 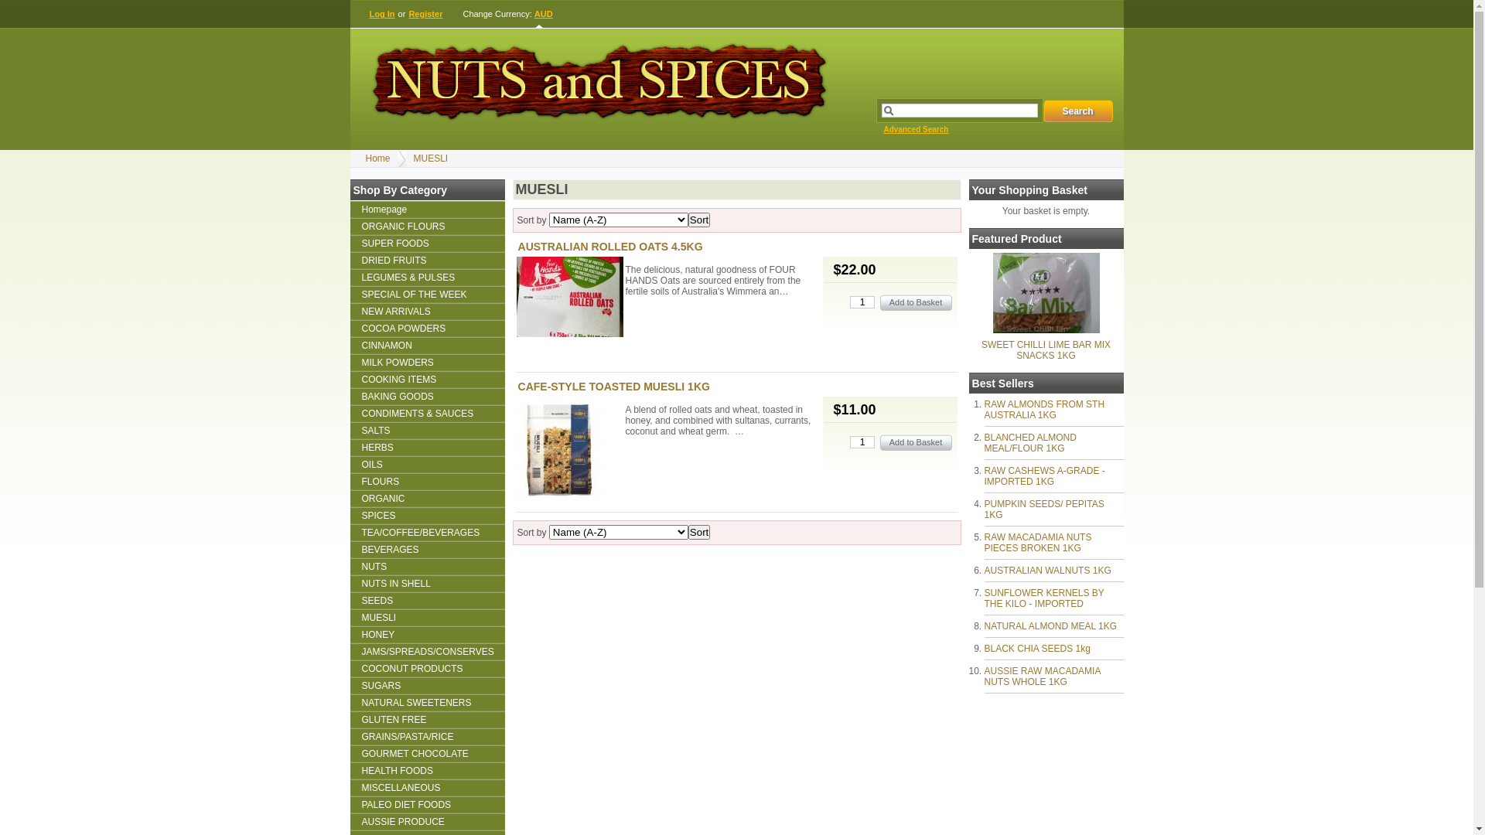 What do you see at coordinates (427, 787) in the screenshot?
I see `'MISCELLANEOUS'` at bounding box center [427, 787].